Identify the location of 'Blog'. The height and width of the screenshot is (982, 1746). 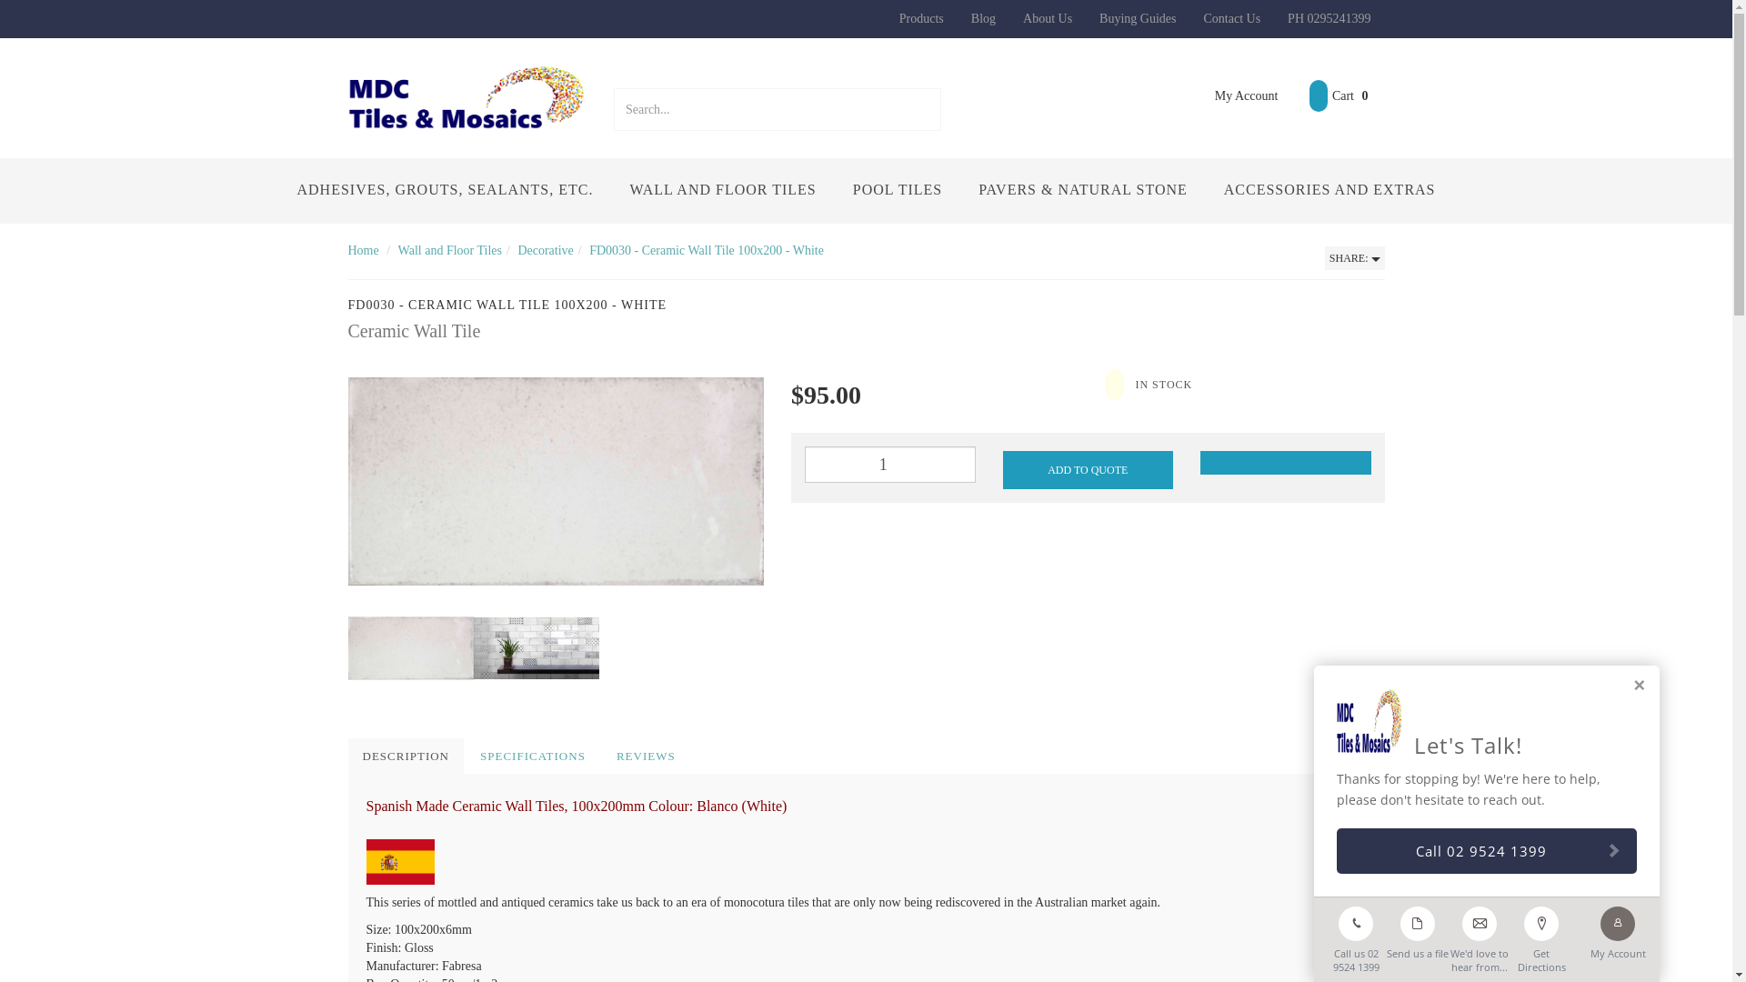
(982, 18).